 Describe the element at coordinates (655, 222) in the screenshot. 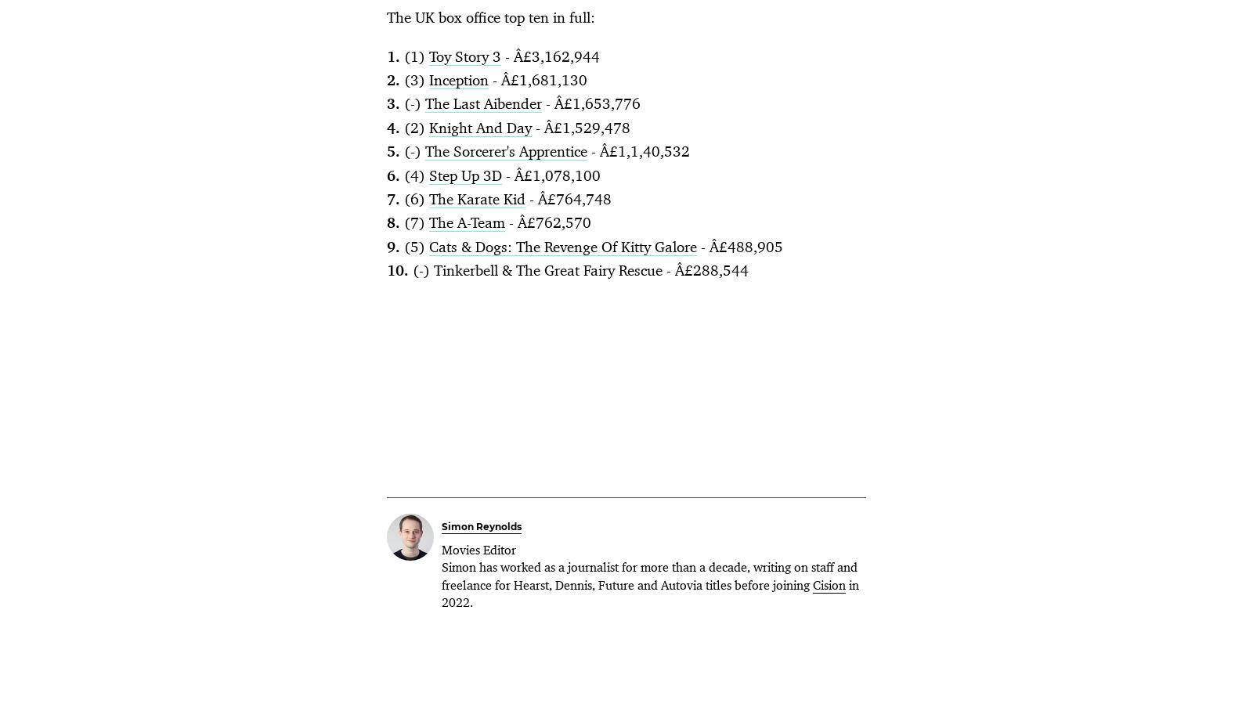

I see `'Black Friday'` at that location.